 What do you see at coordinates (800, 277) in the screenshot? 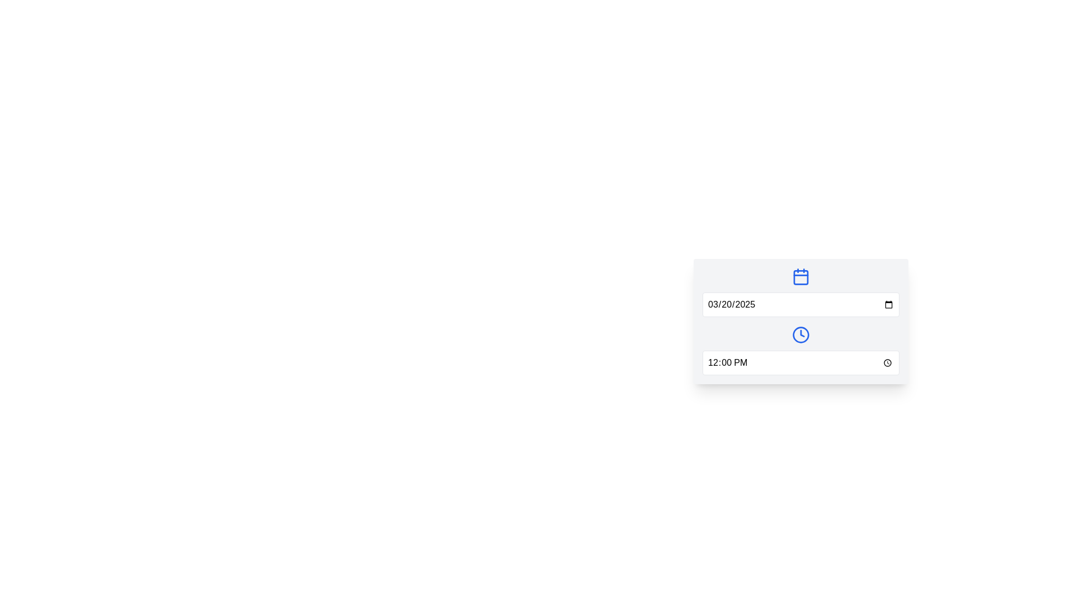
I see `the calendar icon body, which is a light blue rectangular shape with rounded corners, located at the top center of a card-like structure` at bounding box center [800, 277].